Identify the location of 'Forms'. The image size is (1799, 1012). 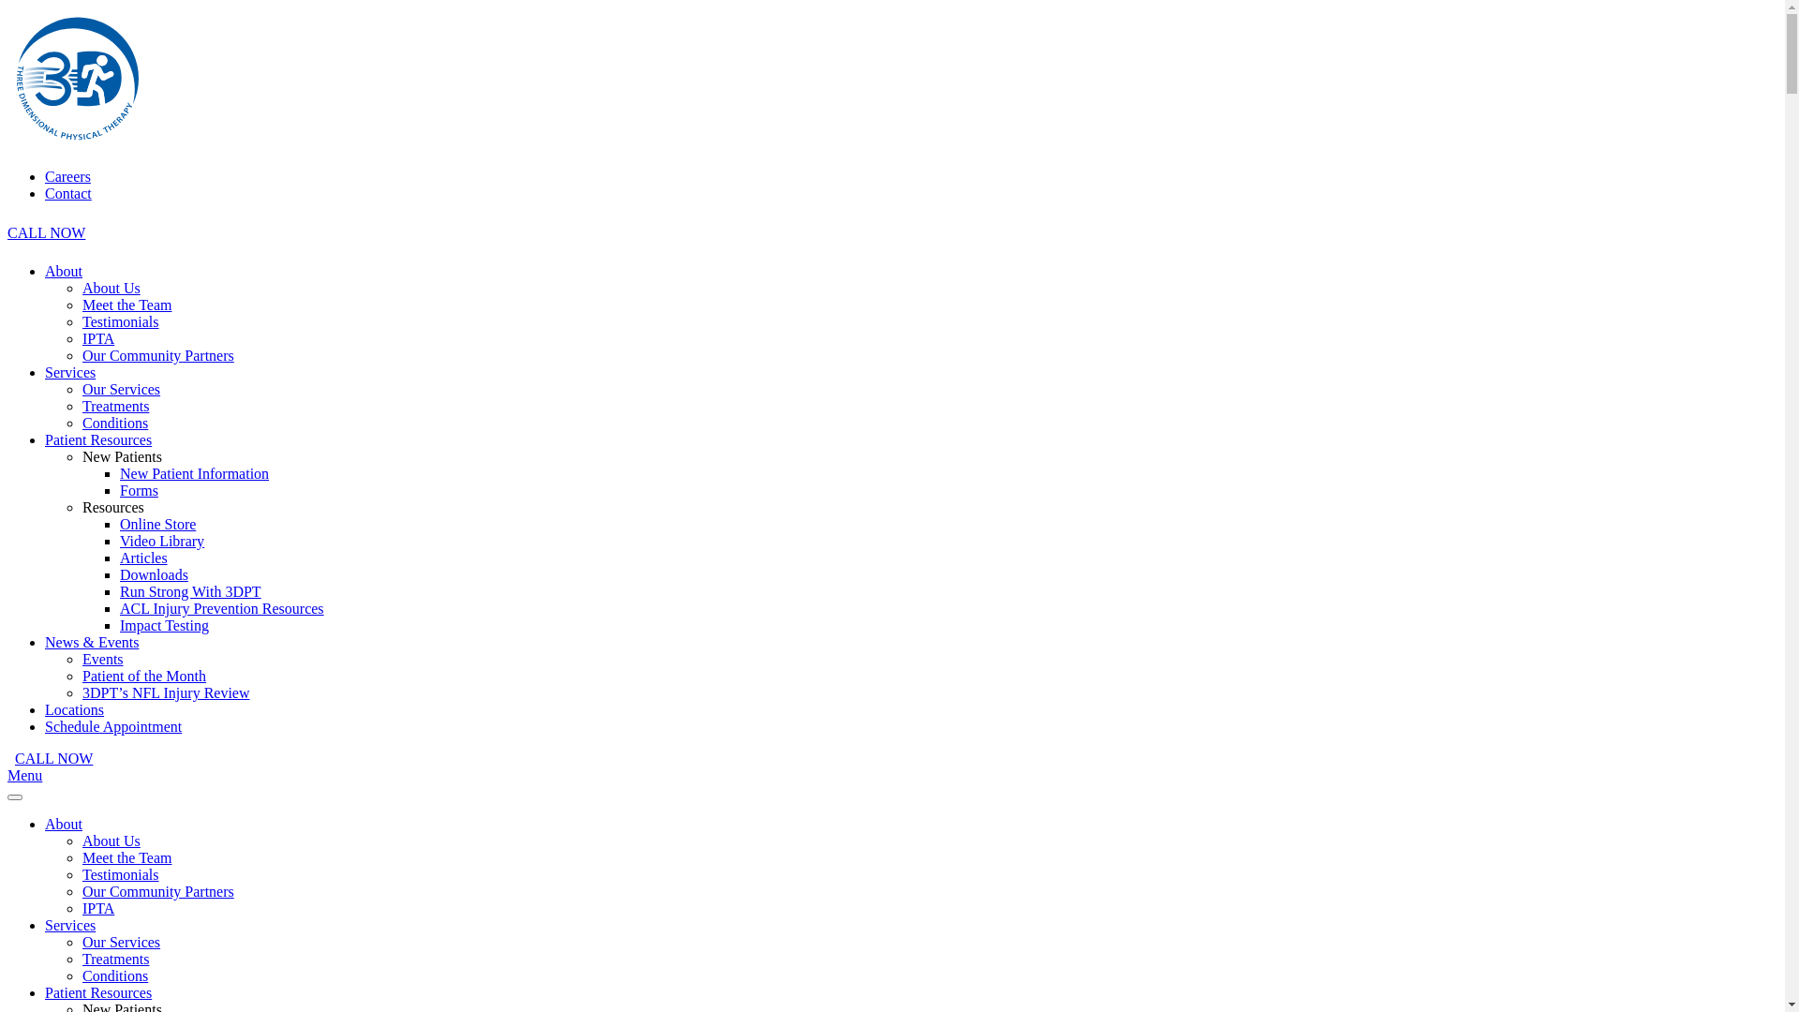
(138, 489).